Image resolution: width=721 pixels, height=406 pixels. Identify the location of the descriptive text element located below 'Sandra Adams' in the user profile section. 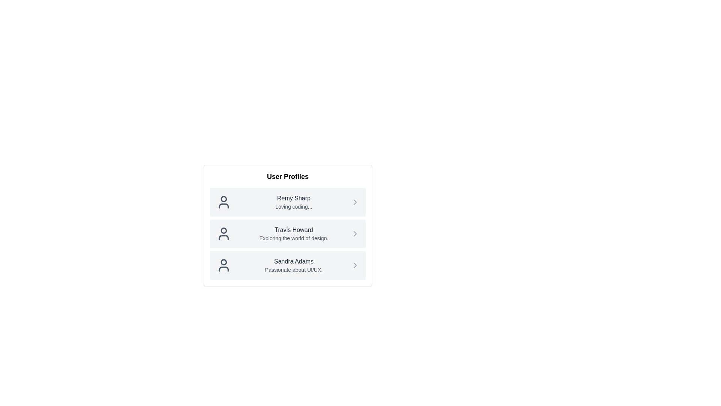
(293, 269).